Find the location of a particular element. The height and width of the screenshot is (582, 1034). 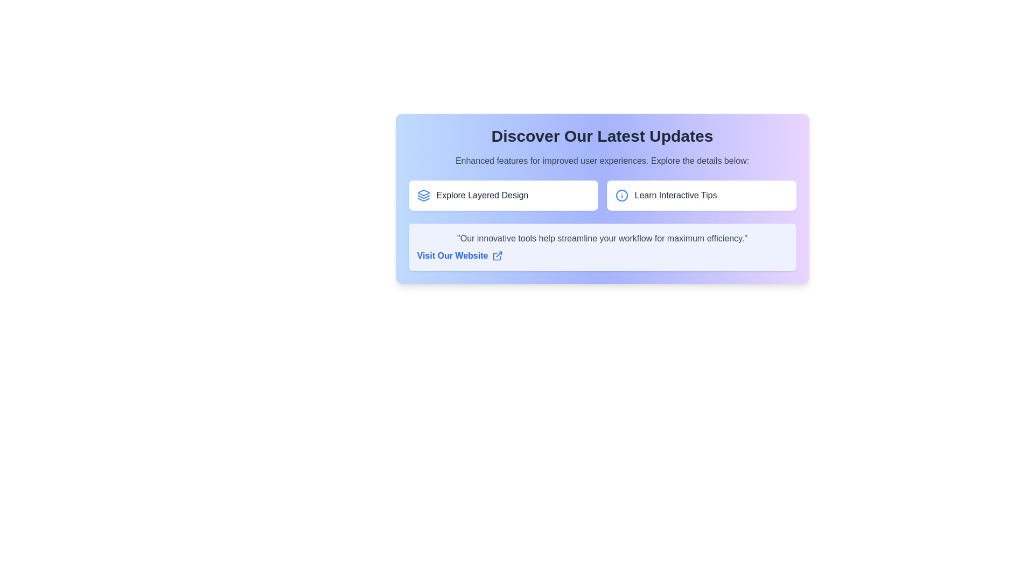

the small blue layered square icon located to the far left of the 'Explore Layered Design' button within the card panel is located at coordinates (423, 195).